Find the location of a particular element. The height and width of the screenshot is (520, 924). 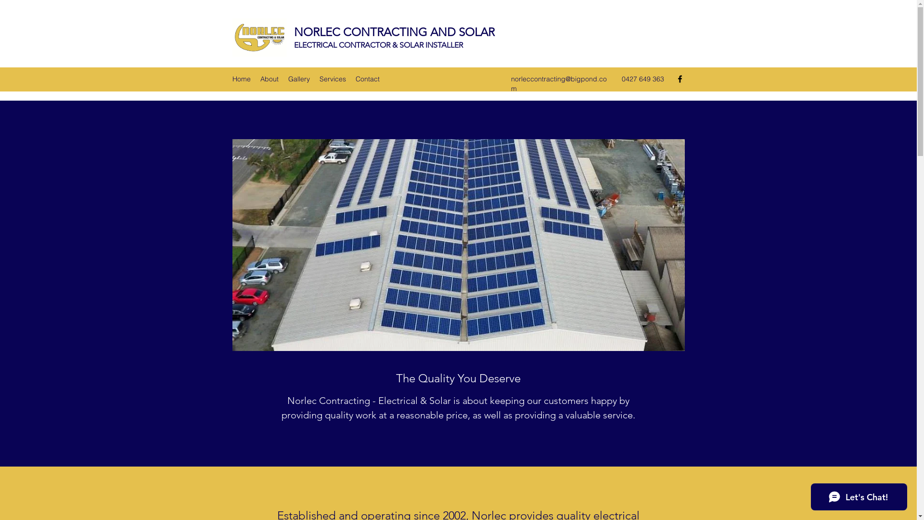

'Gallery' is located at coordinates (298, 78).